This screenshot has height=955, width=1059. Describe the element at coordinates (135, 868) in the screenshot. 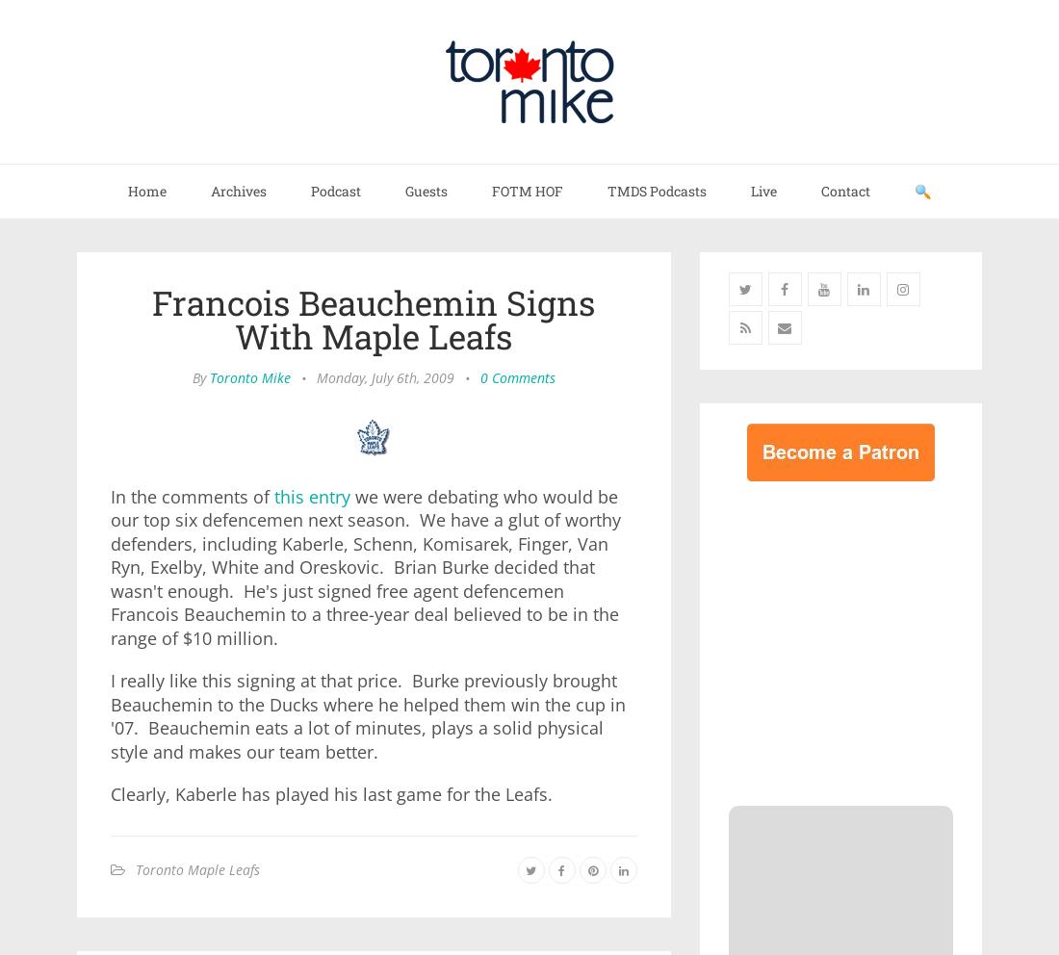

I see `'Toronto Maple Leafs'` at that location.